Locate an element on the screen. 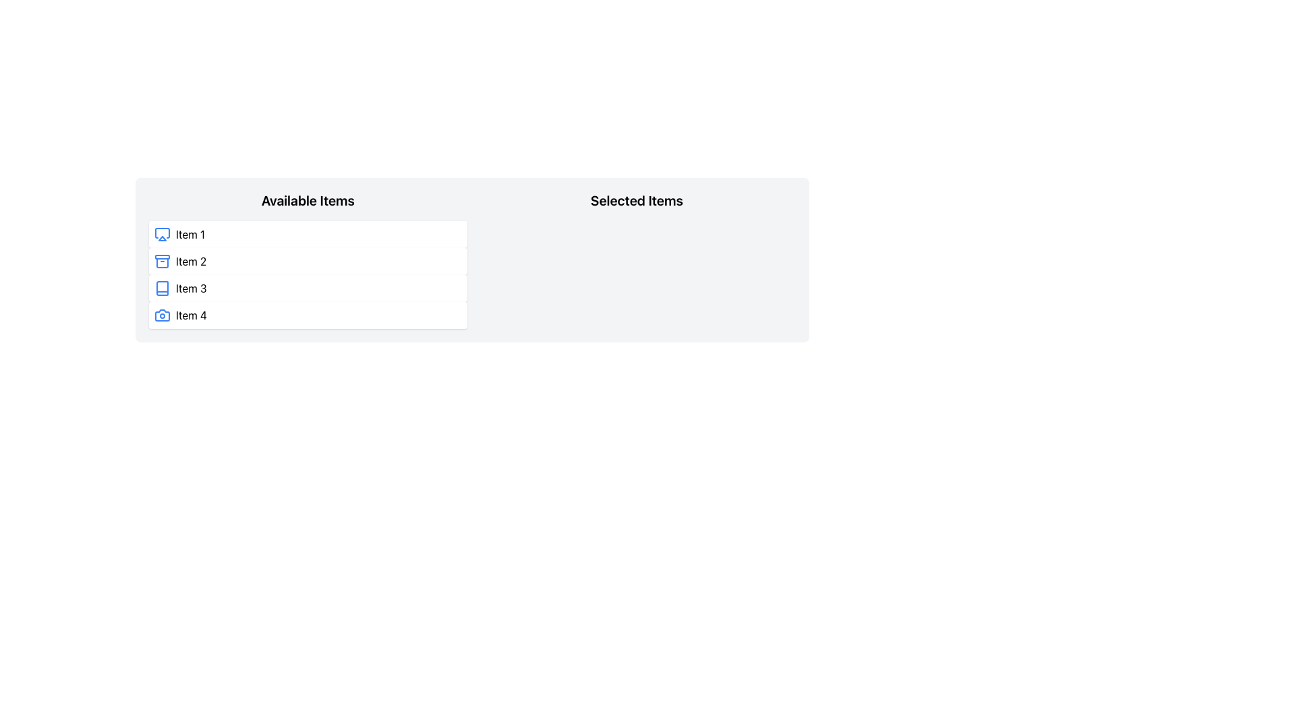 The image size is (1295, 728). the lid icon of 'Item 2' located in the 'Available Items' section, which is represented by a horizontal rectangle near the top of the box-like icon is located at coordinates (162, 257).